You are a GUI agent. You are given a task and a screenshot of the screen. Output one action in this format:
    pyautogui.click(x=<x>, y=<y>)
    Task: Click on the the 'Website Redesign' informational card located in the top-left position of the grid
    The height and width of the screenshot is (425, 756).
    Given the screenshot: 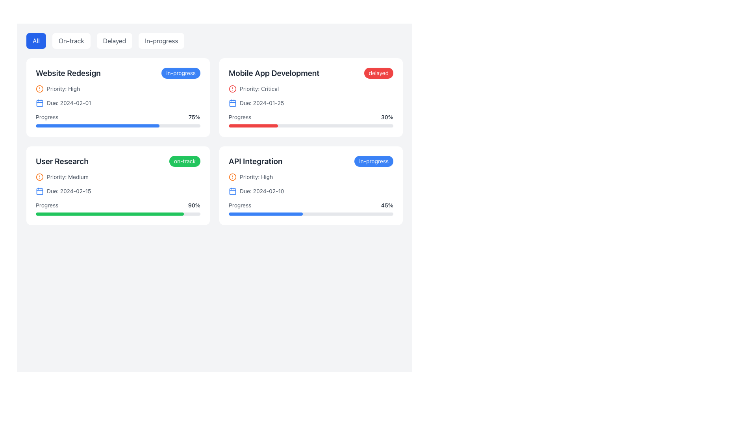 What is the action you would take?
    pyautogui.click(x=117, y=97)
    